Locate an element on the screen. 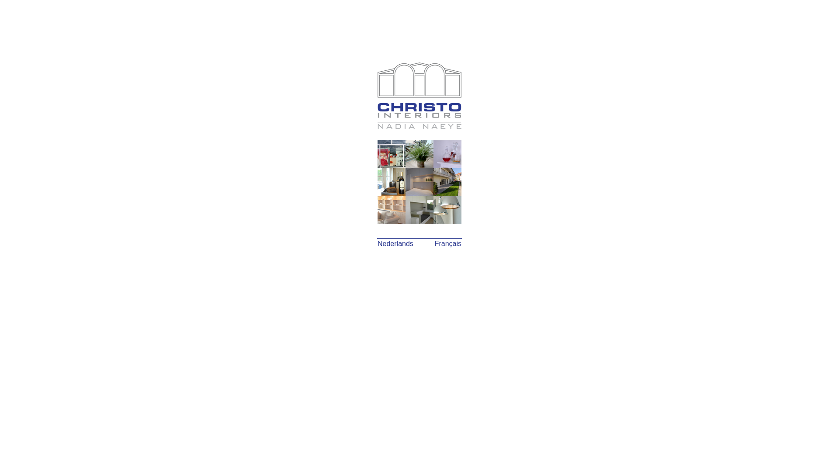  'Nederlands' is located at coordinates (378, 243).